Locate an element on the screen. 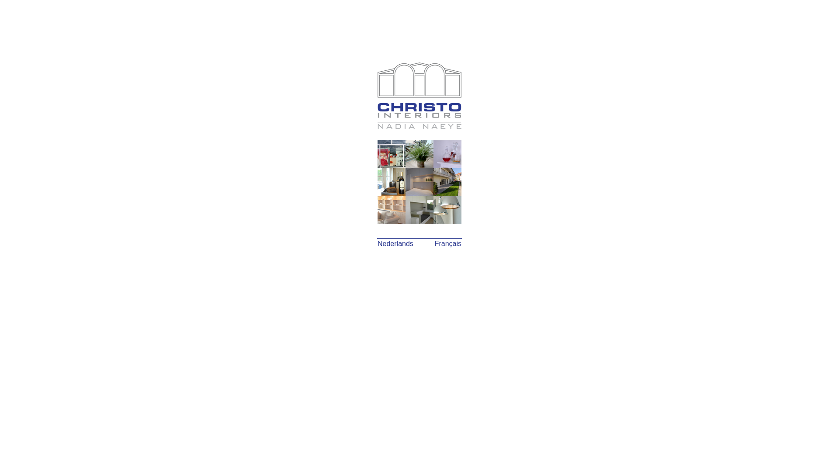  'Nederlands' is located at coordinates (378, 243).